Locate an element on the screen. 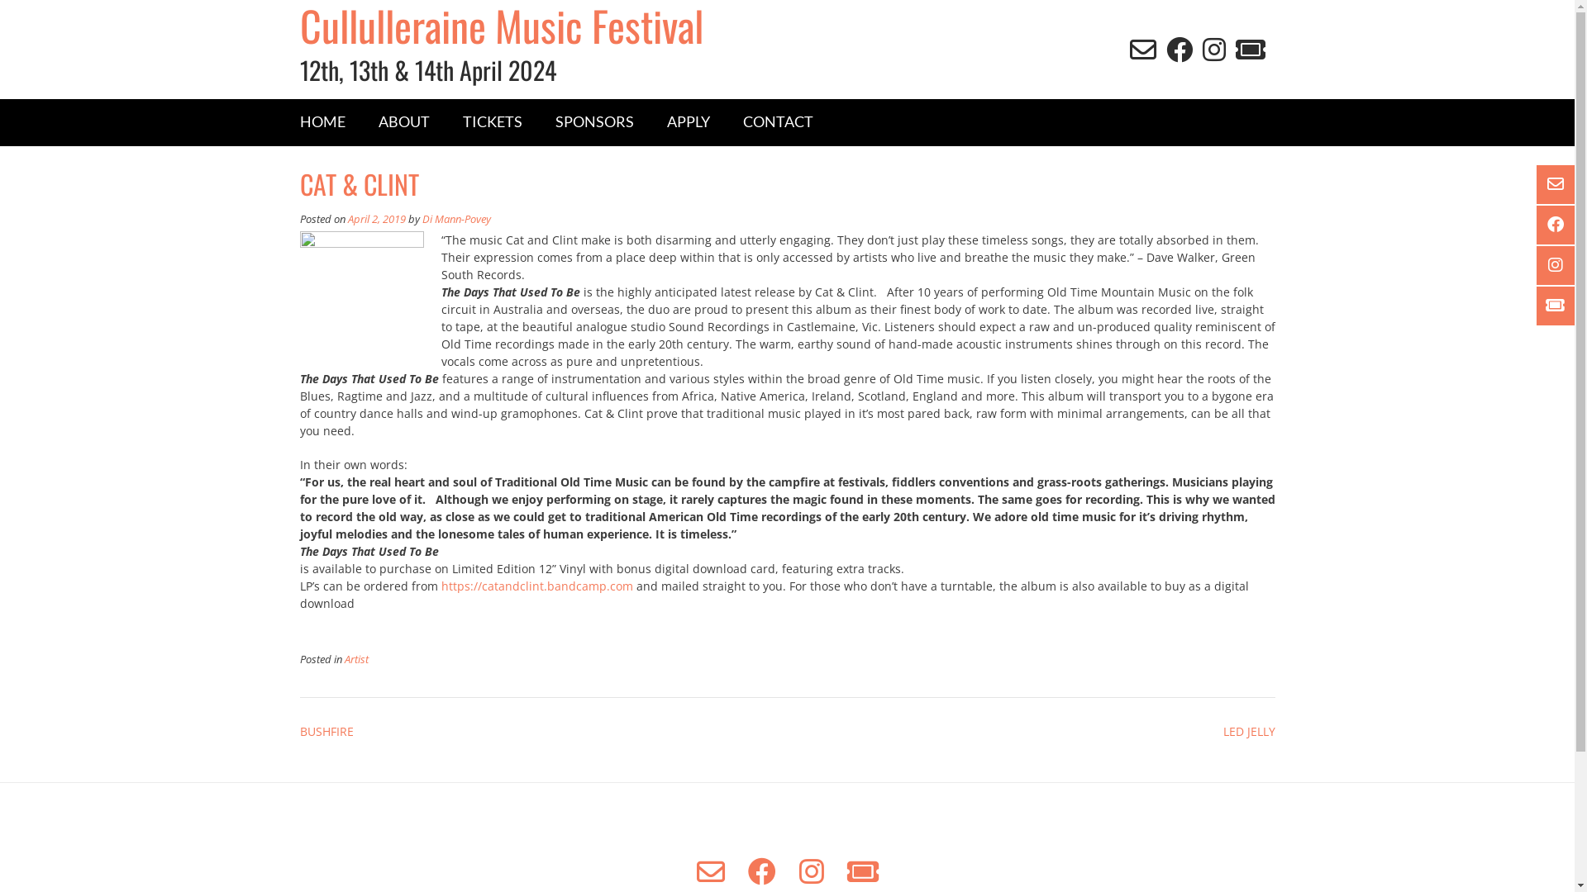  'SPONSORS' is located at coordinates (594, 121).